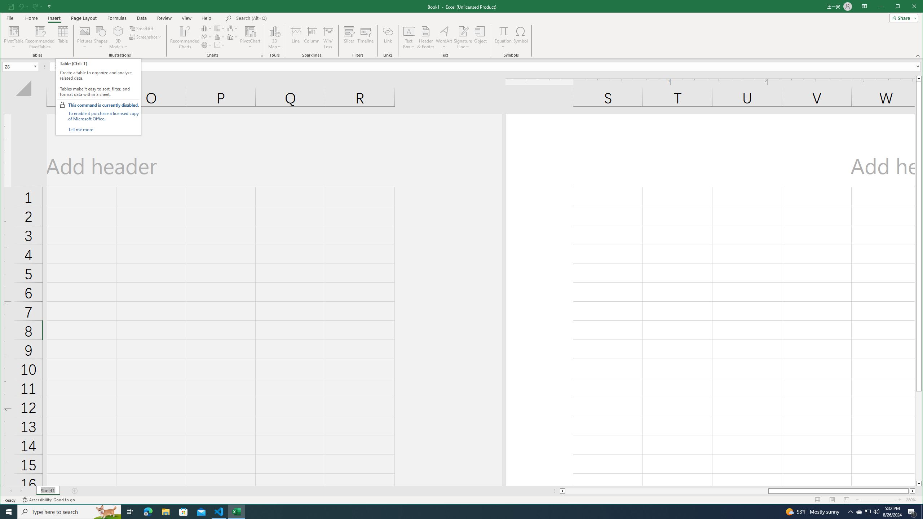 The width and height of the screenshot is (923, 519). Describe the element at coordinates (129, 511) in the screenshot. I see `'Task View'` at that location.